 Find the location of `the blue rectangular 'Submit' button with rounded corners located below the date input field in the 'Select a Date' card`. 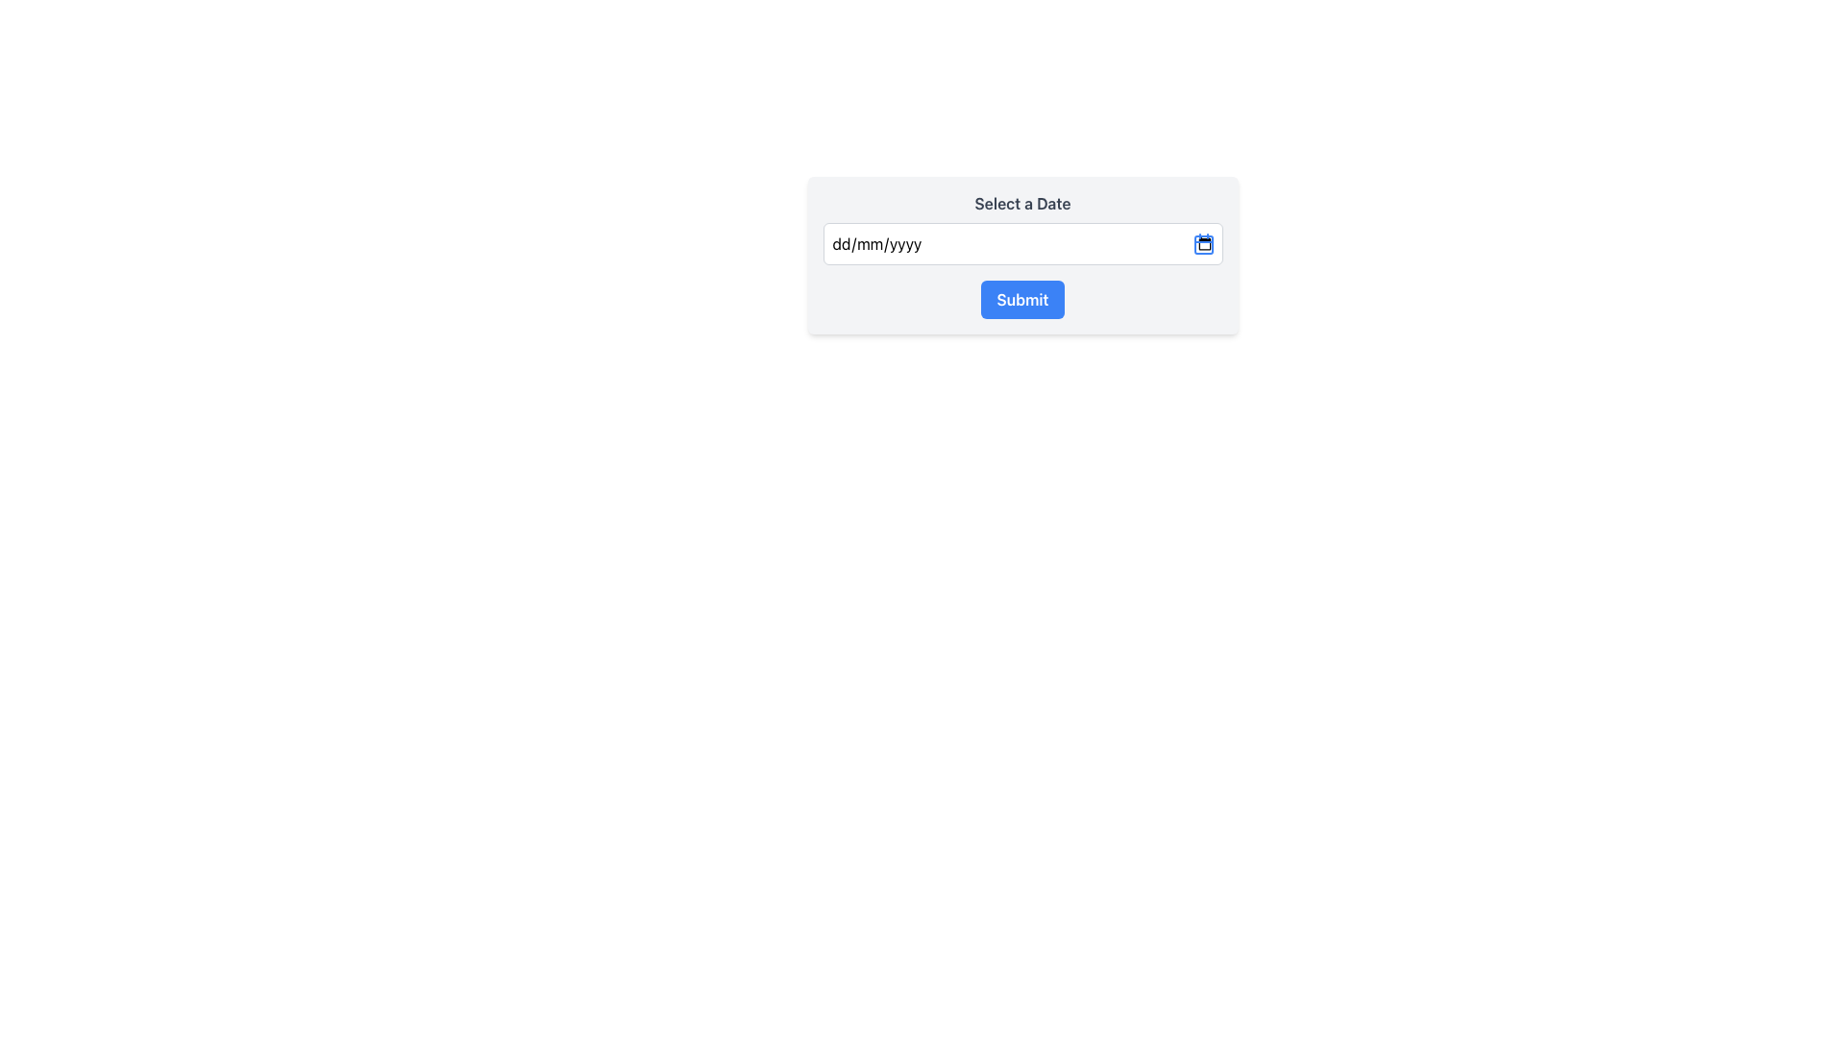

the blue rectangular 'Submit' button with rounded corners located below the date input field in the 'Select a Date' card is located at coordinates (1021, 300).